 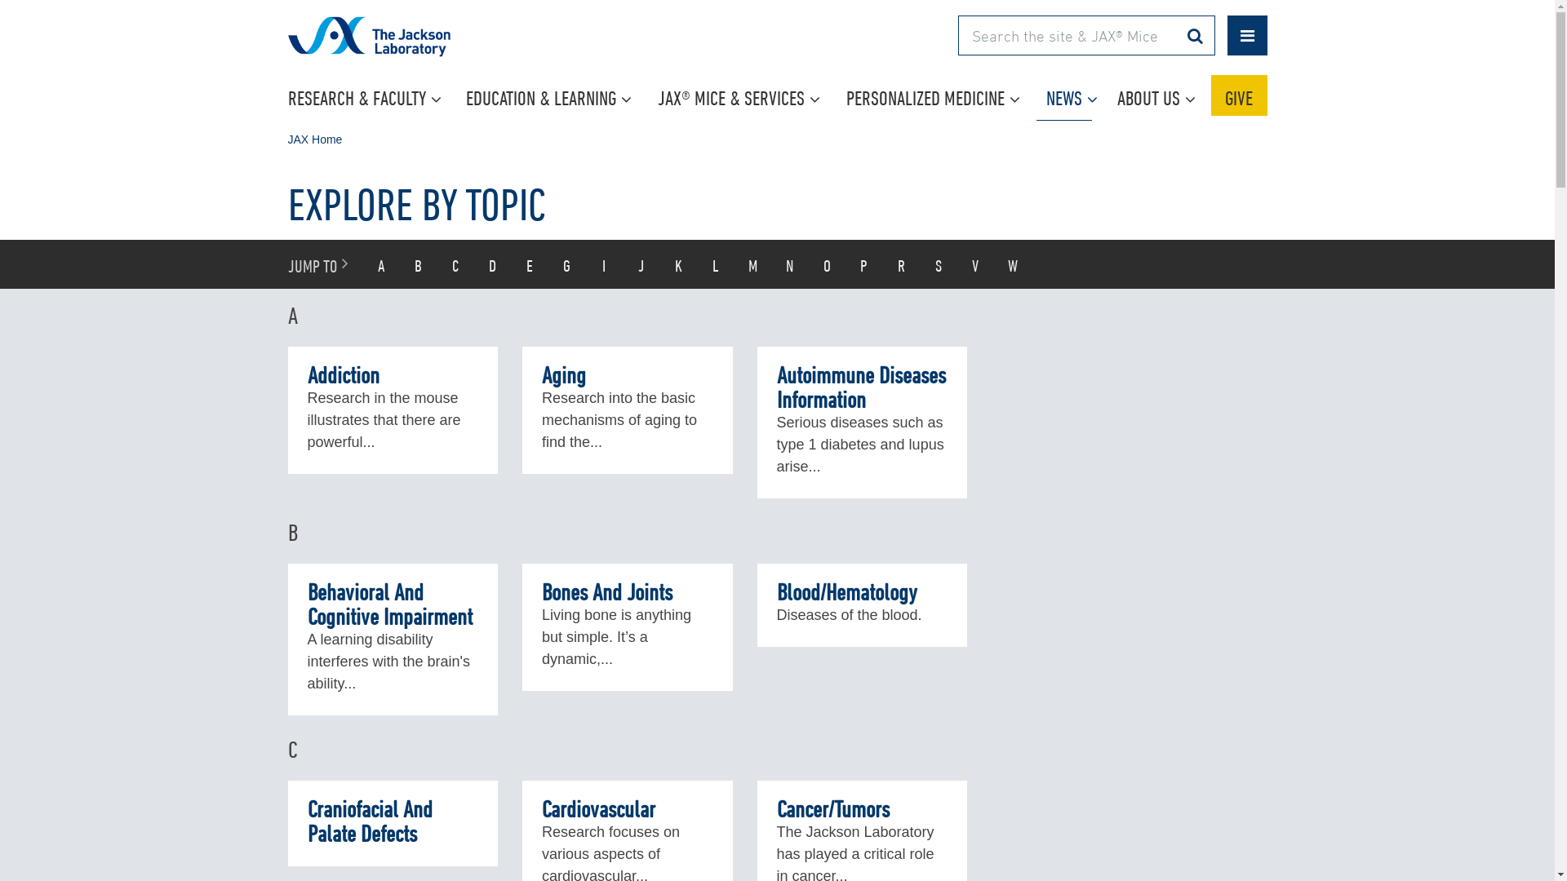 What do you see at coordinates (414, 46) in the screenshot?
I see `'Jackson Laboratory'` at bounding box center [414, 46].